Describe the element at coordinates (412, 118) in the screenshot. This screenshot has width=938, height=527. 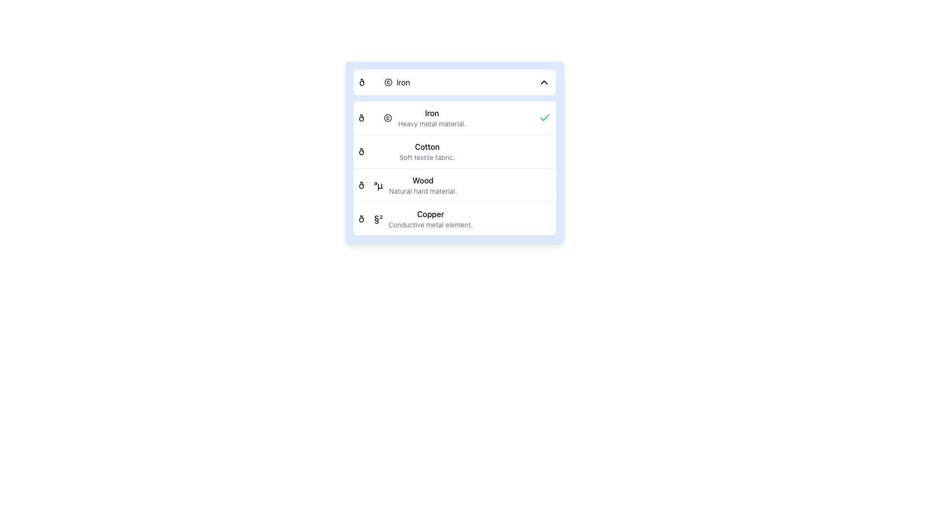
I see `the list item containing the icon and metadata for 'Iron' located in the second row of the list` at that location.